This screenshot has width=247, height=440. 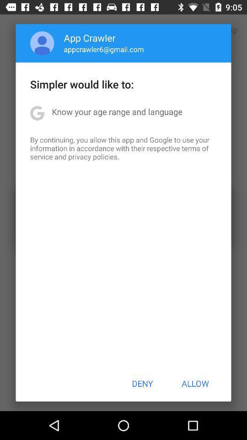 I want to click on the appcrawler6@gmail.com app, so click(x=103, y=49).